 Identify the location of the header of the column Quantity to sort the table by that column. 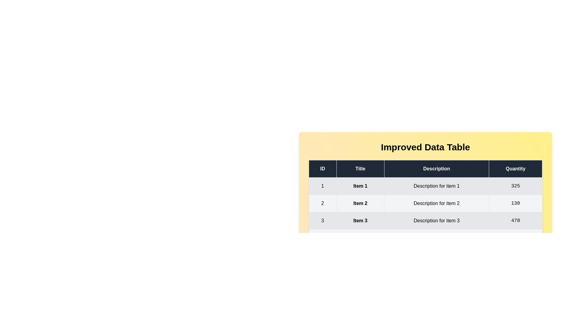
(515, 169).